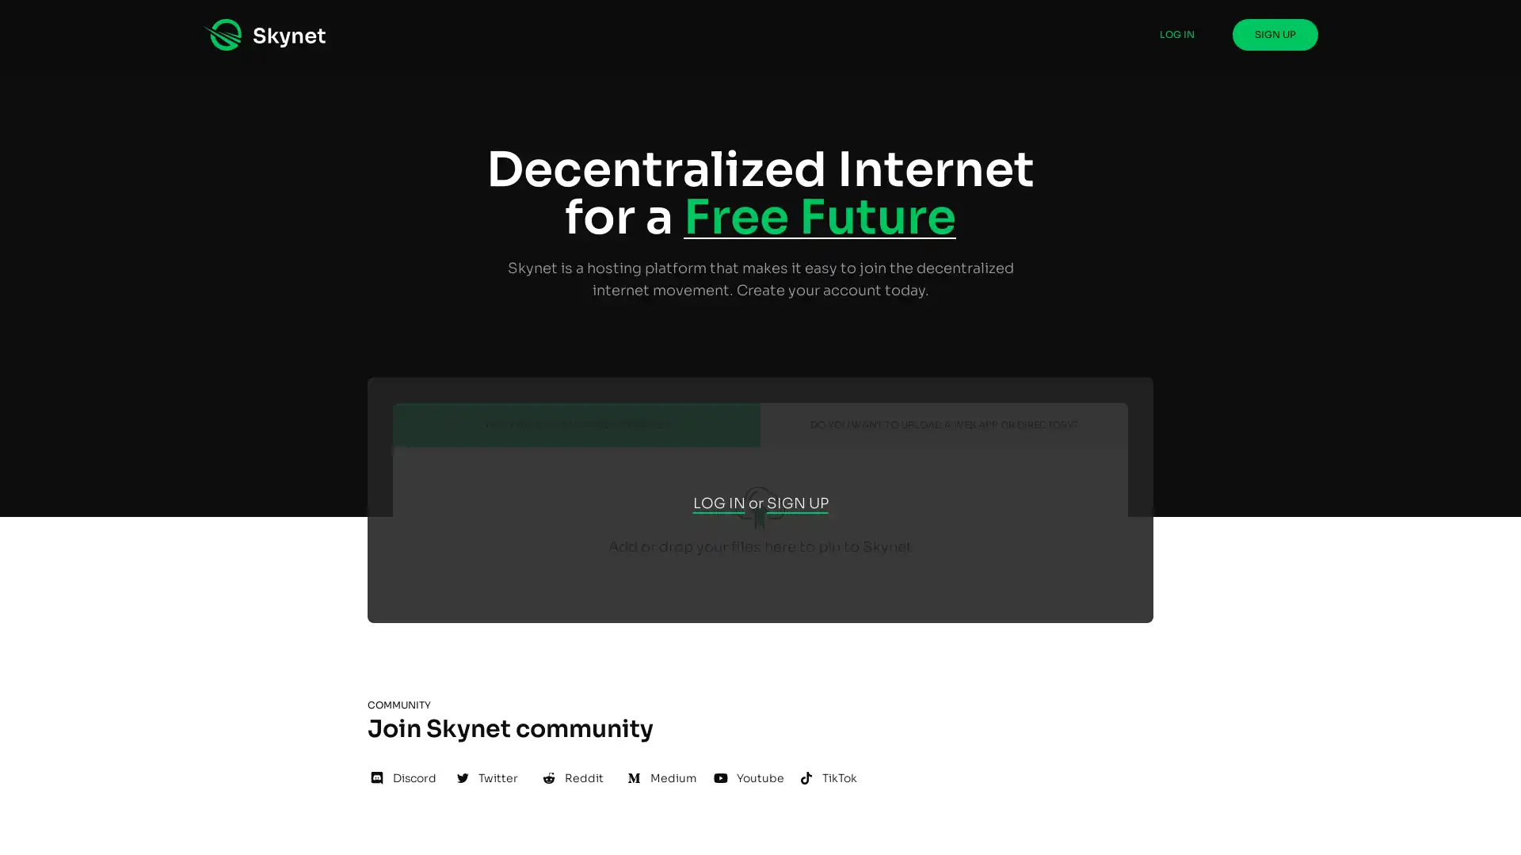 The image size is (1521, 855). What do you see at coordinates (943, 462) in the screenshot?
I see `DO YOU WANT TO UPLOAD A WEB APP OR DIRECTORY?` at bounding box center [943, 462].